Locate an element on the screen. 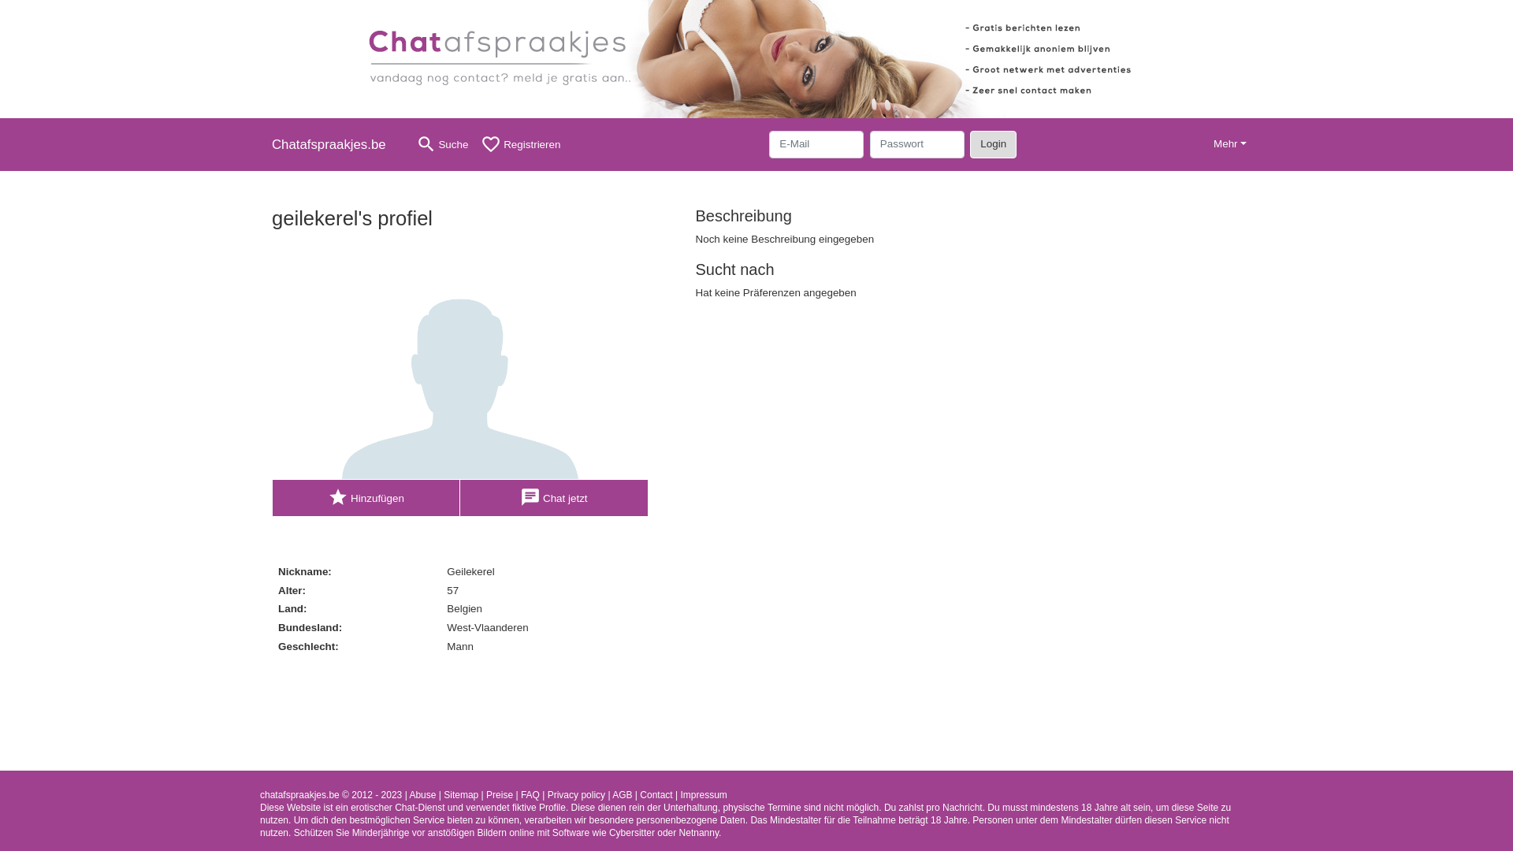 The image size is (1513, 851). 'Preise' is located at coordinates (498, 795).